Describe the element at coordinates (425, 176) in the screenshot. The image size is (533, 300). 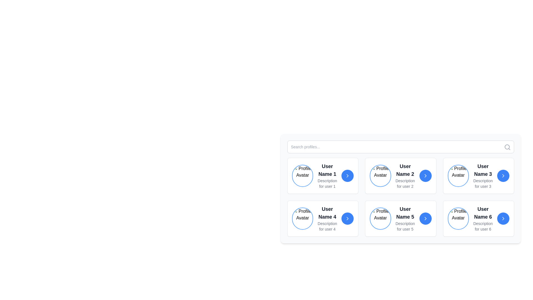
I see `the chevron icon located in the upper row of profile cards, specifically on the second card associated with 'User Name 2'` at that location.